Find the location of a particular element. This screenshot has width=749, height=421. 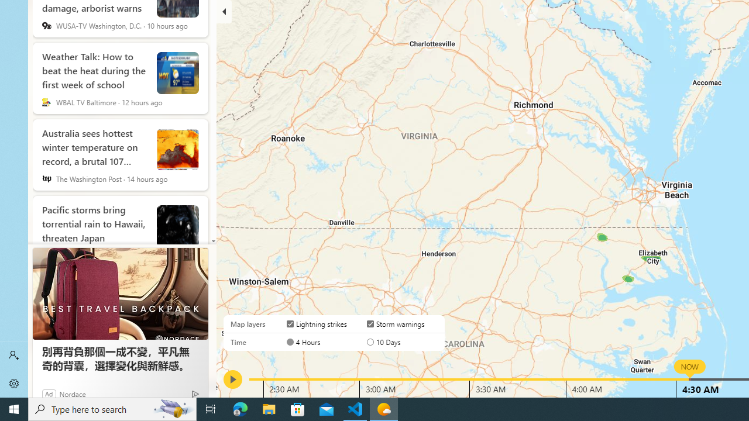

'Start' is located at coordinates (14, 408).